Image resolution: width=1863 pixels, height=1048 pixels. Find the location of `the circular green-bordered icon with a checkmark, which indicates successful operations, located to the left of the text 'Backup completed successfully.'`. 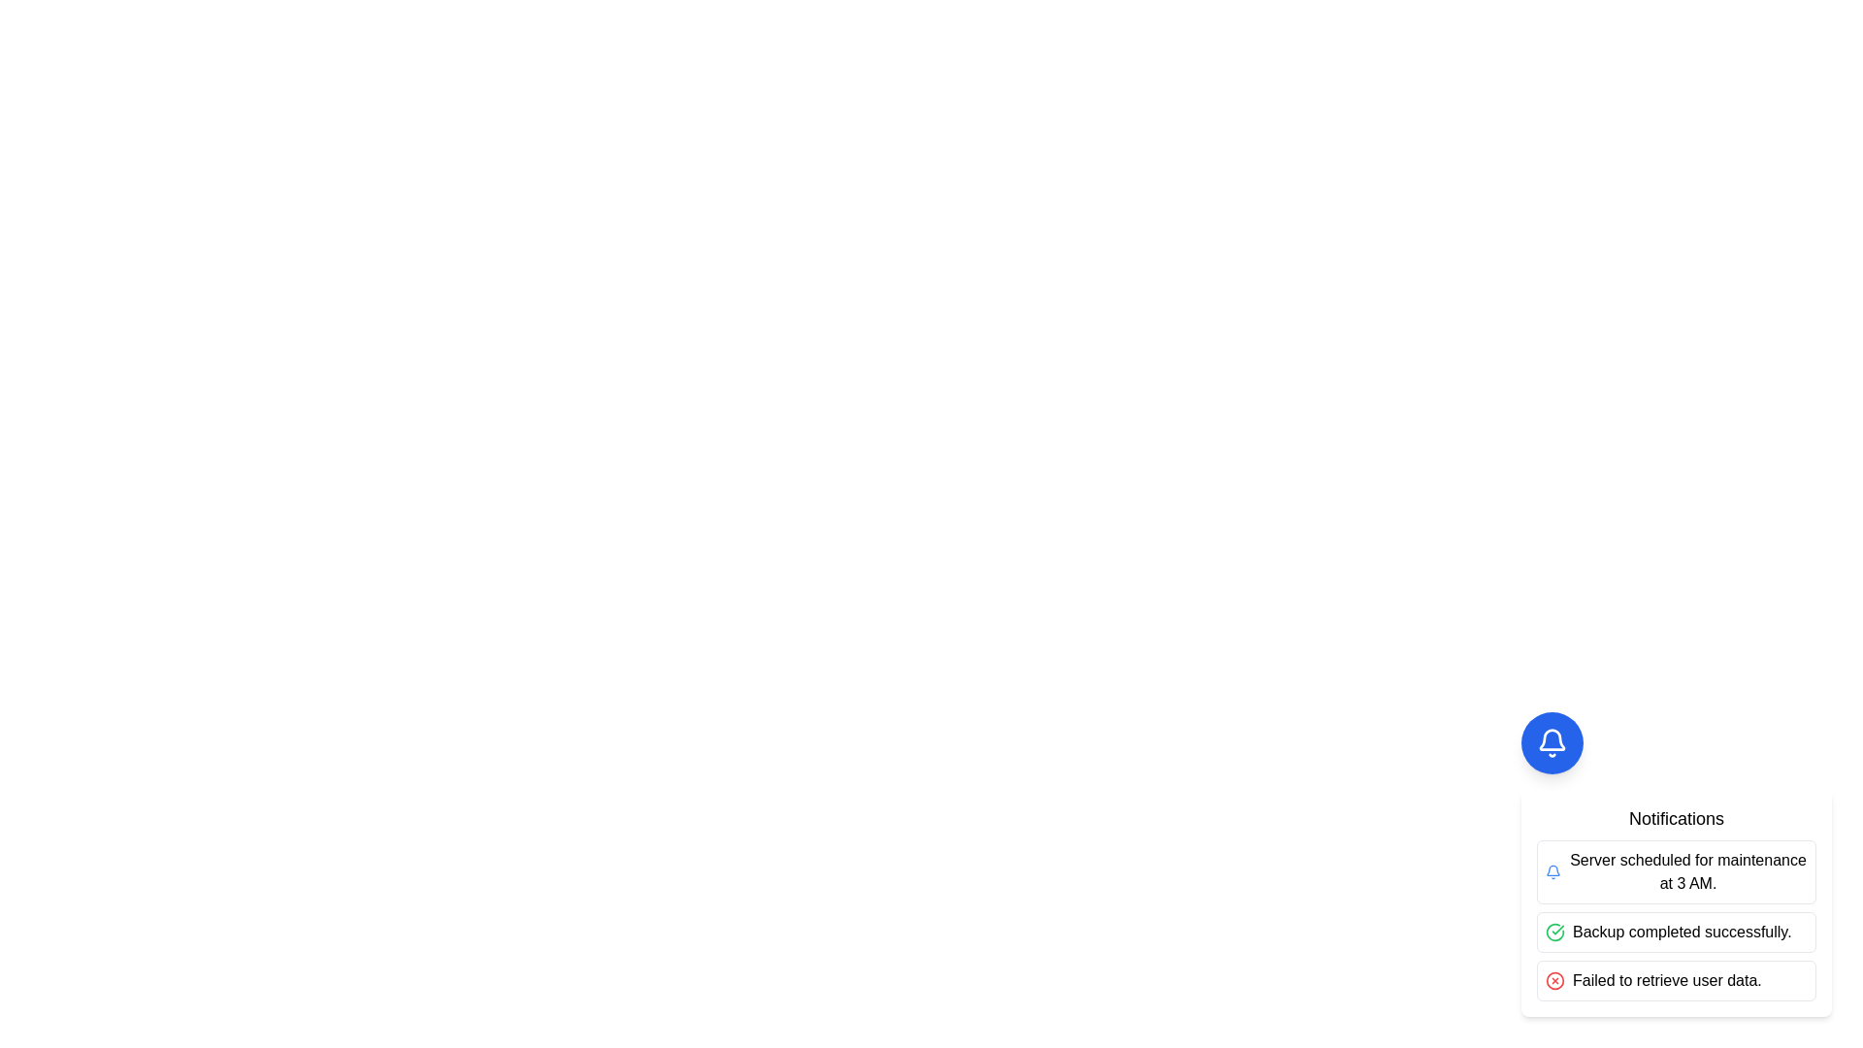

the circular green-bordered icon with a checkmark, which indicates successful operations, located to the left of the text 'Backup completed successfully.' is located at coordinates (1555, 931).